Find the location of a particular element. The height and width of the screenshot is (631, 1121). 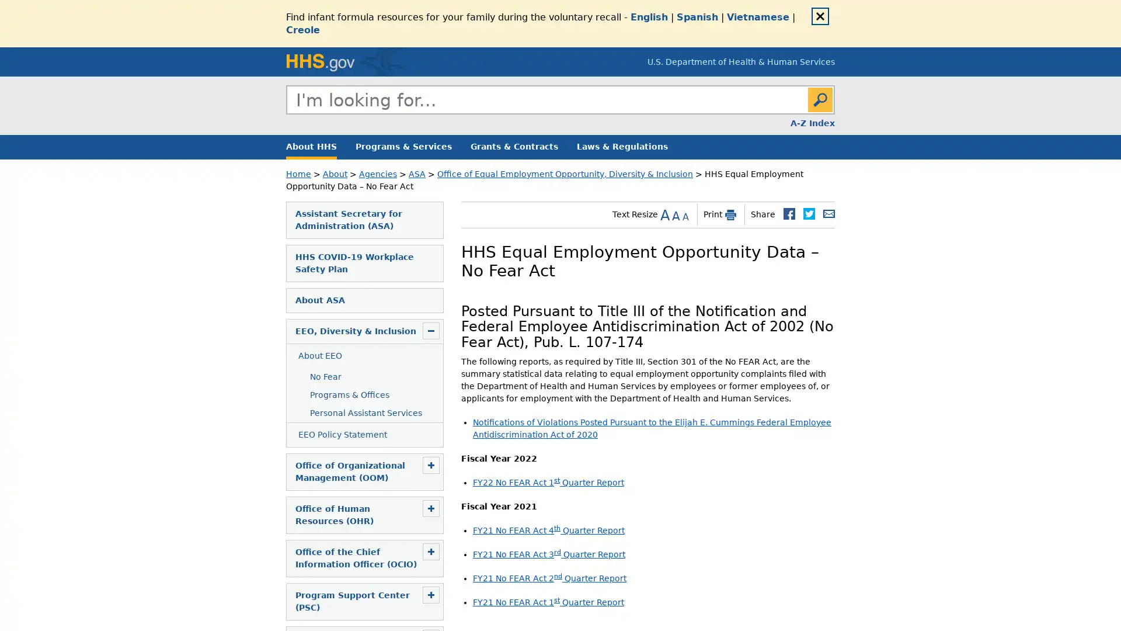

Close is located at coordinates (834, 113).